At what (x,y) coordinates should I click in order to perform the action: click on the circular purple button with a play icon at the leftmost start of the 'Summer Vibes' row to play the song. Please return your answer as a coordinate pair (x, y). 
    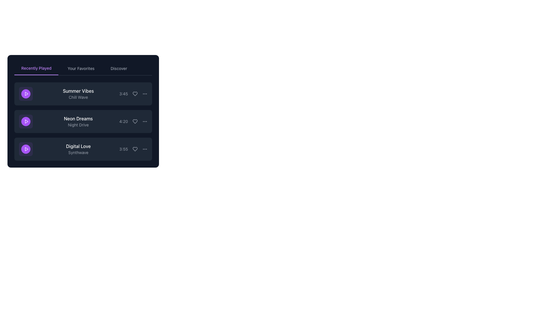
    Looking at the image, I should click on (26, 94).